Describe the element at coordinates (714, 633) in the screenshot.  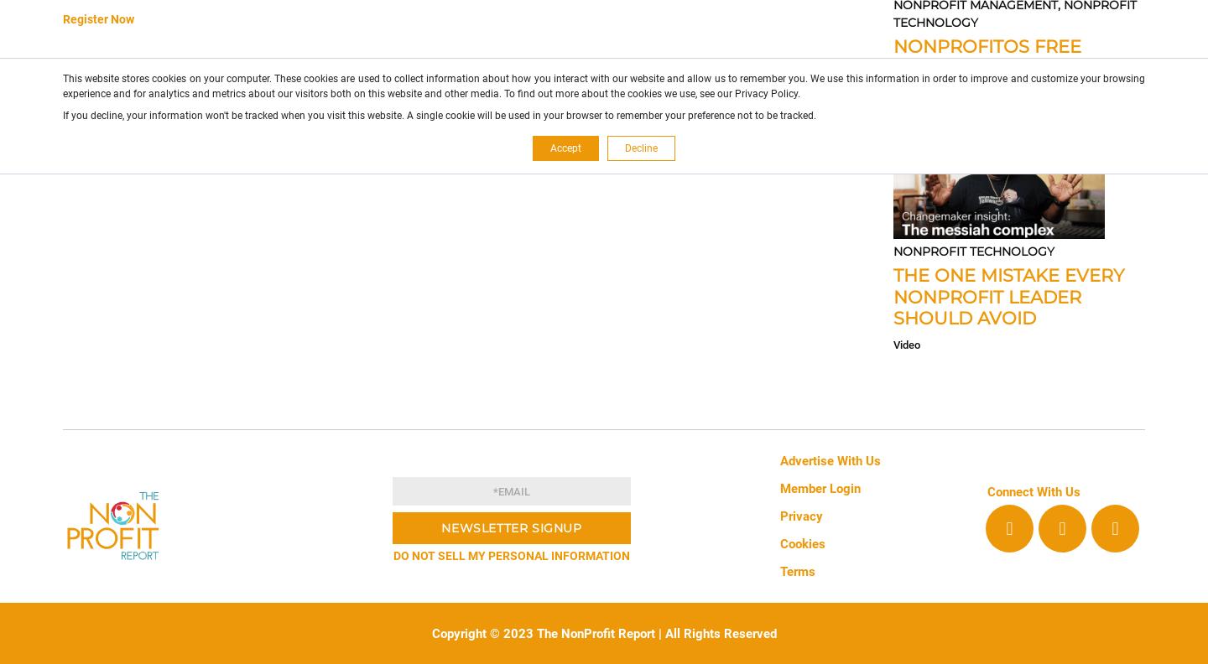
I see `'| All Rights Reserved'` at that location.